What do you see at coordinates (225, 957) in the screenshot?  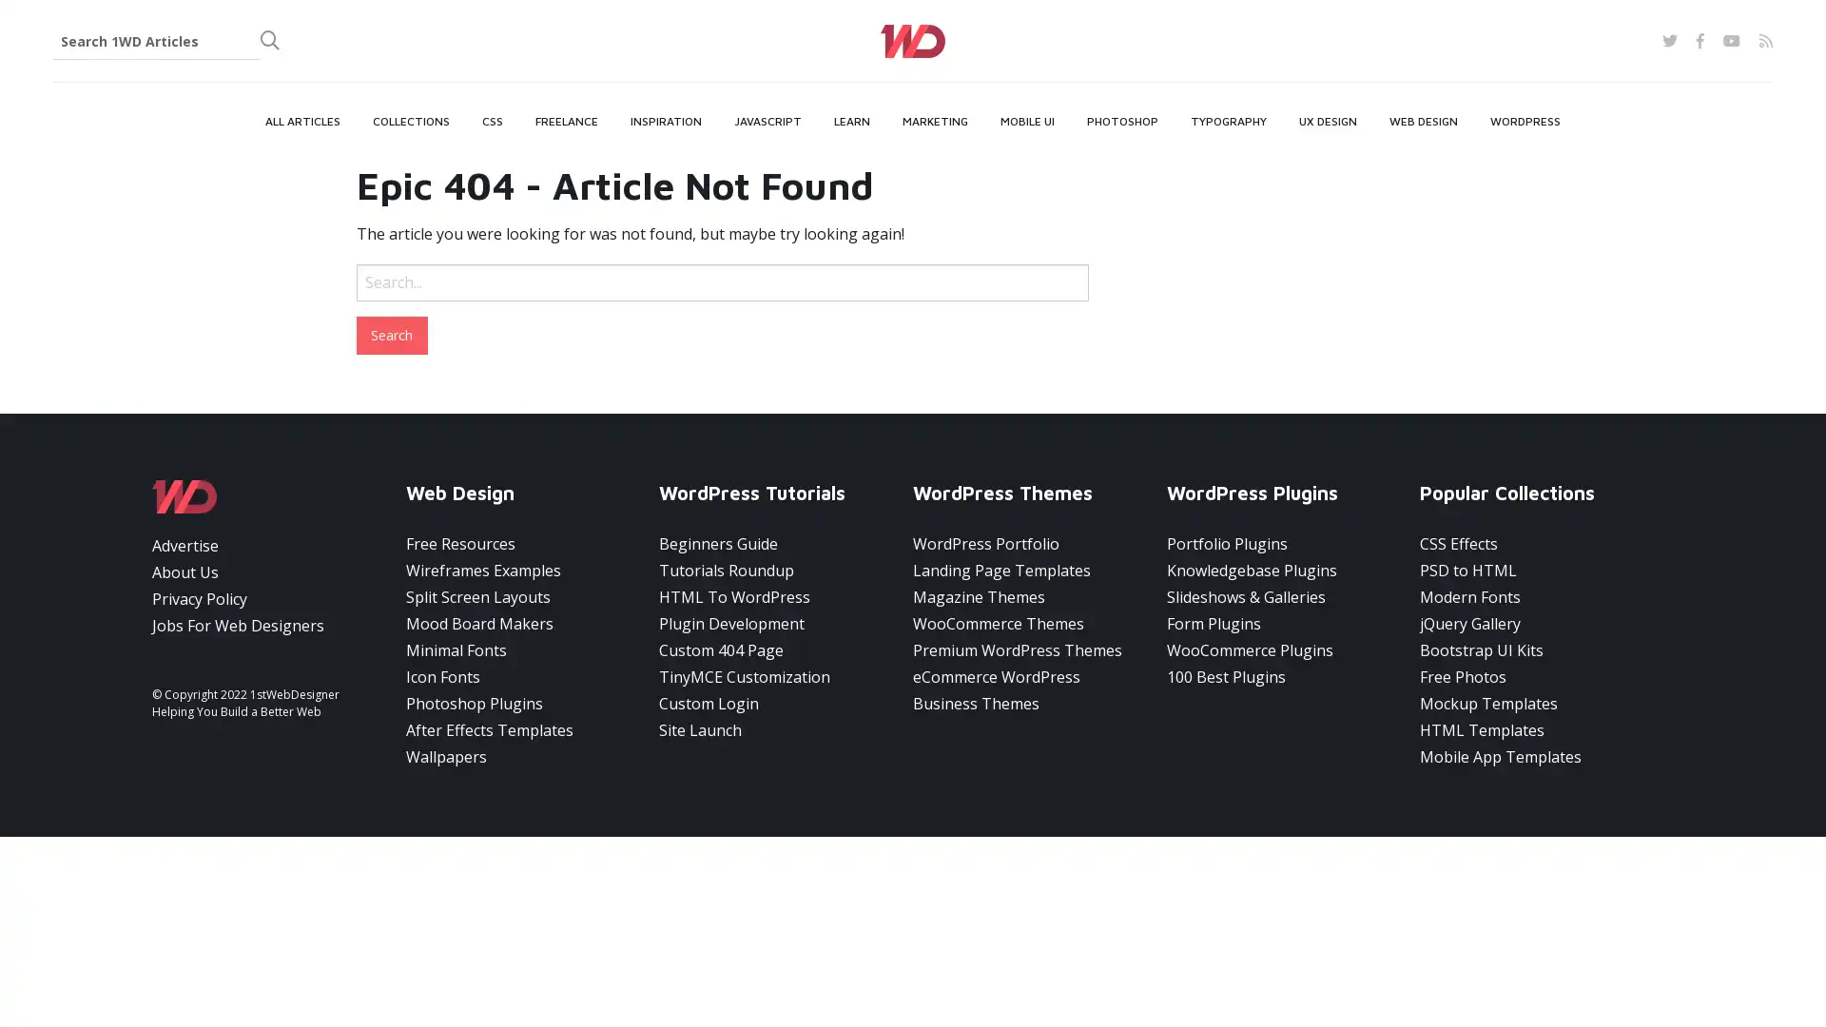 I see `learn more about cookies` at bounding box center [225, 957].